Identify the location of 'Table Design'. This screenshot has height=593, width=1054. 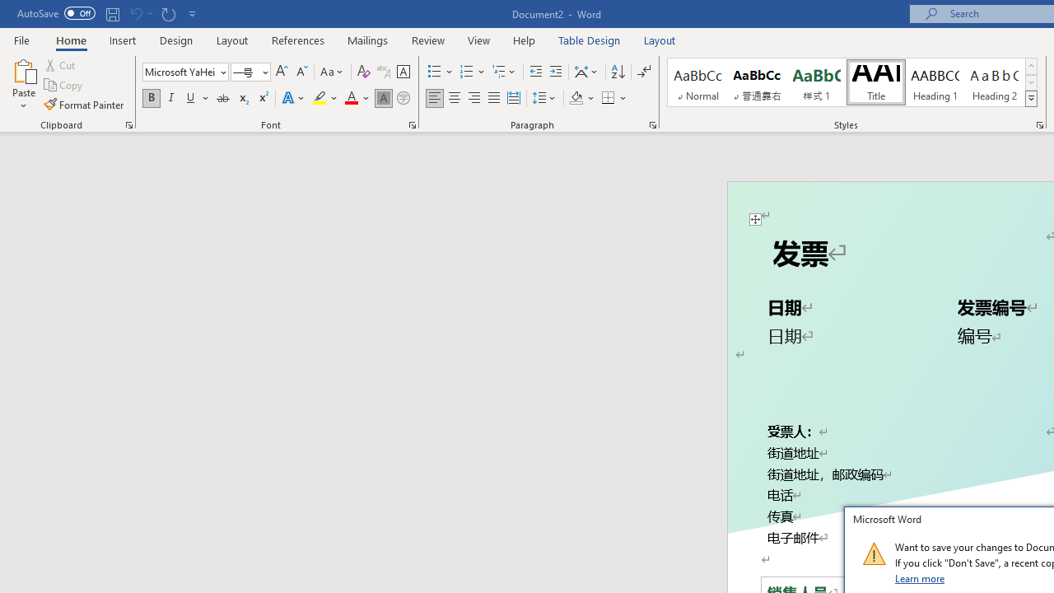
(590, 40).